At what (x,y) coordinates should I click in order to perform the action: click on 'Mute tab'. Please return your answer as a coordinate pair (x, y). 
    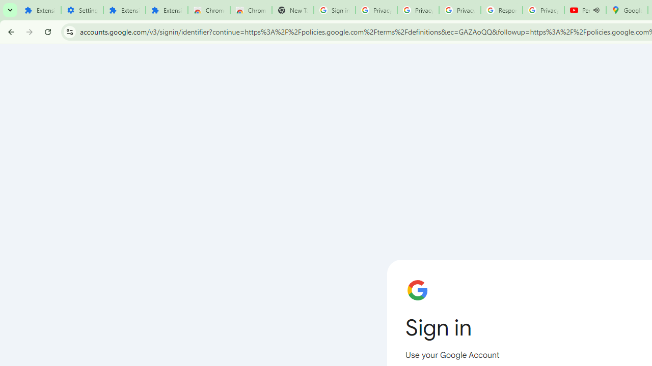
    Looking at the image, I should click on (596, 10).